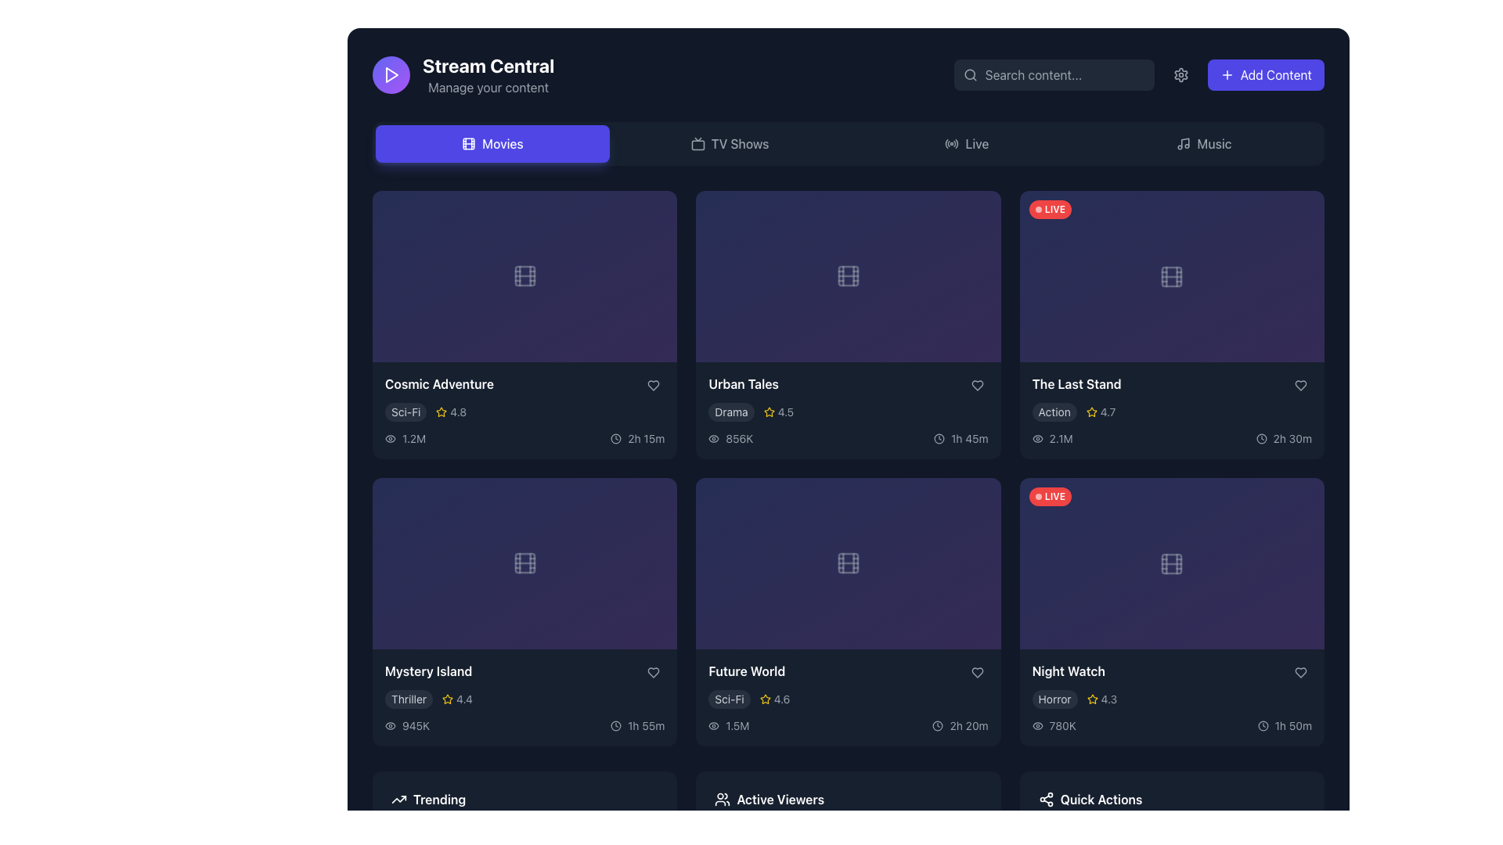 Image resolution: width=1503 pixels, height=845 pixels. I want to click on the clock icon located at the bottom-right section of 'The Last Stand' card, which is visually associated with the text label '2h 30m', so click(1261, 438).